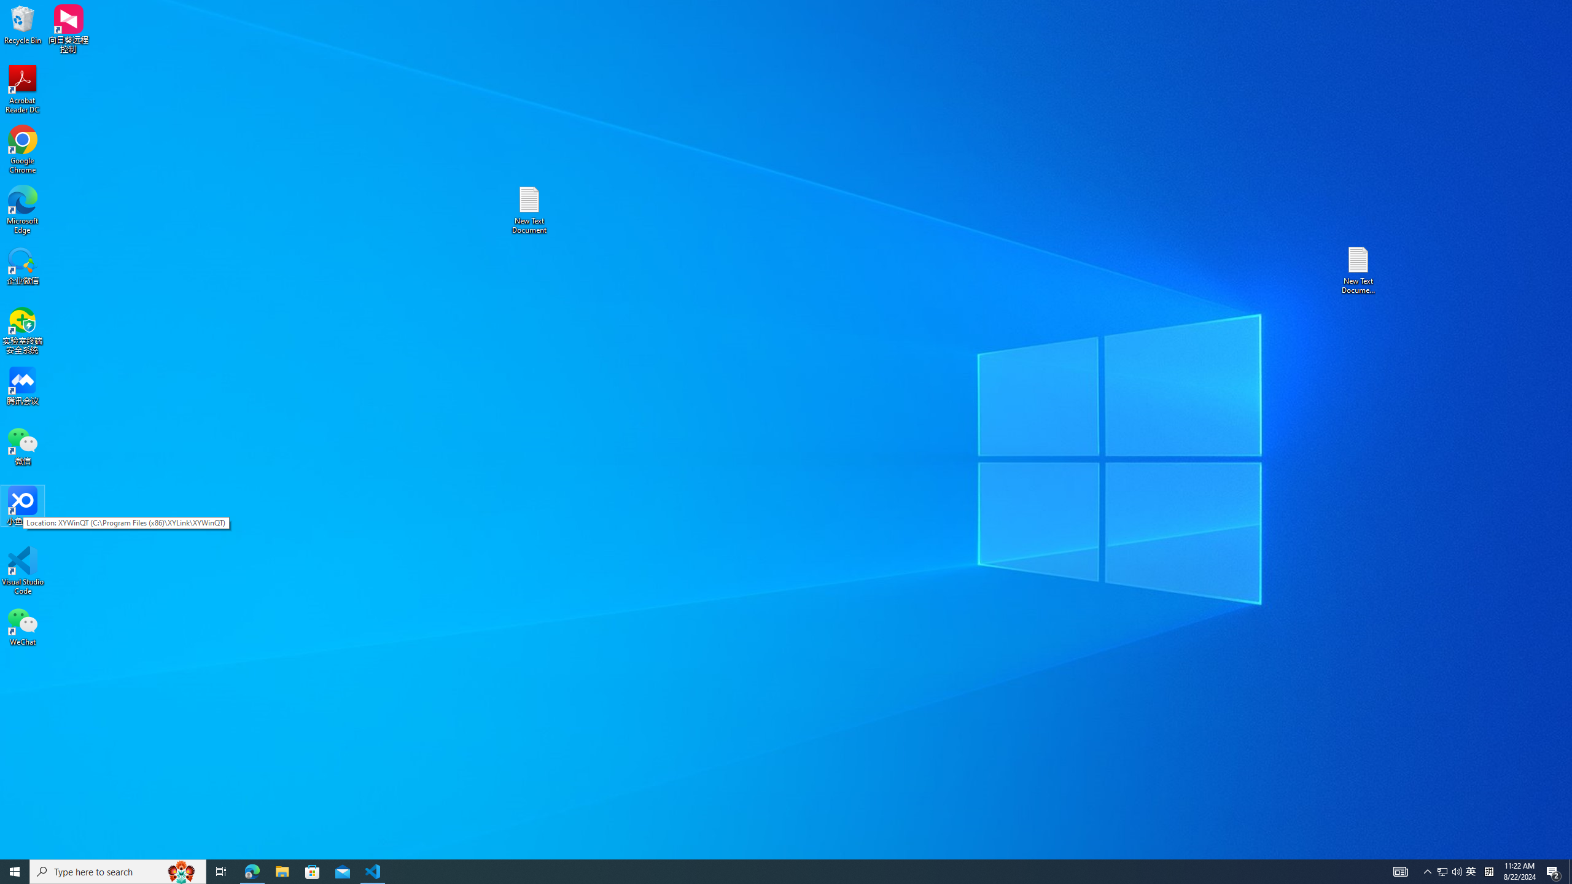 The height and width of the screenshot is (884, 1572). Describe the element at coordinates (1457, 870) in the screenshot. I see `'Q2790: 100%'` at that location.